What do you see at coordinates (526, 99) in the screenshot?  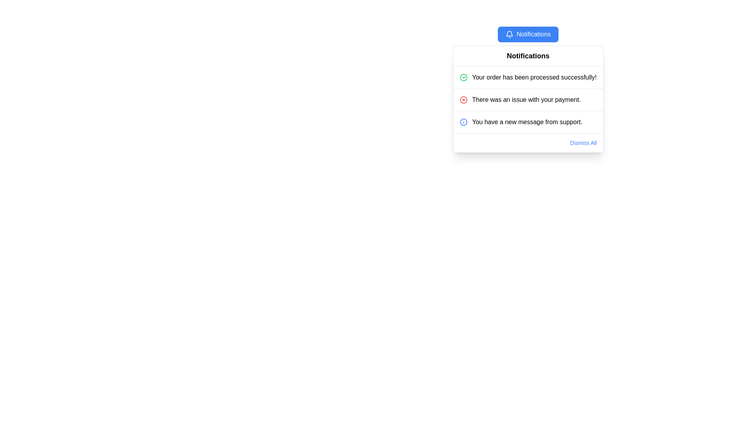 I see `information displayed in the text label stating 'There was an issue with your payment.' This text label is part of a notification panel, centrally aligned and located in the middle row of the panel, following a success message and preceding an info message` at bounding box center [526, 99].